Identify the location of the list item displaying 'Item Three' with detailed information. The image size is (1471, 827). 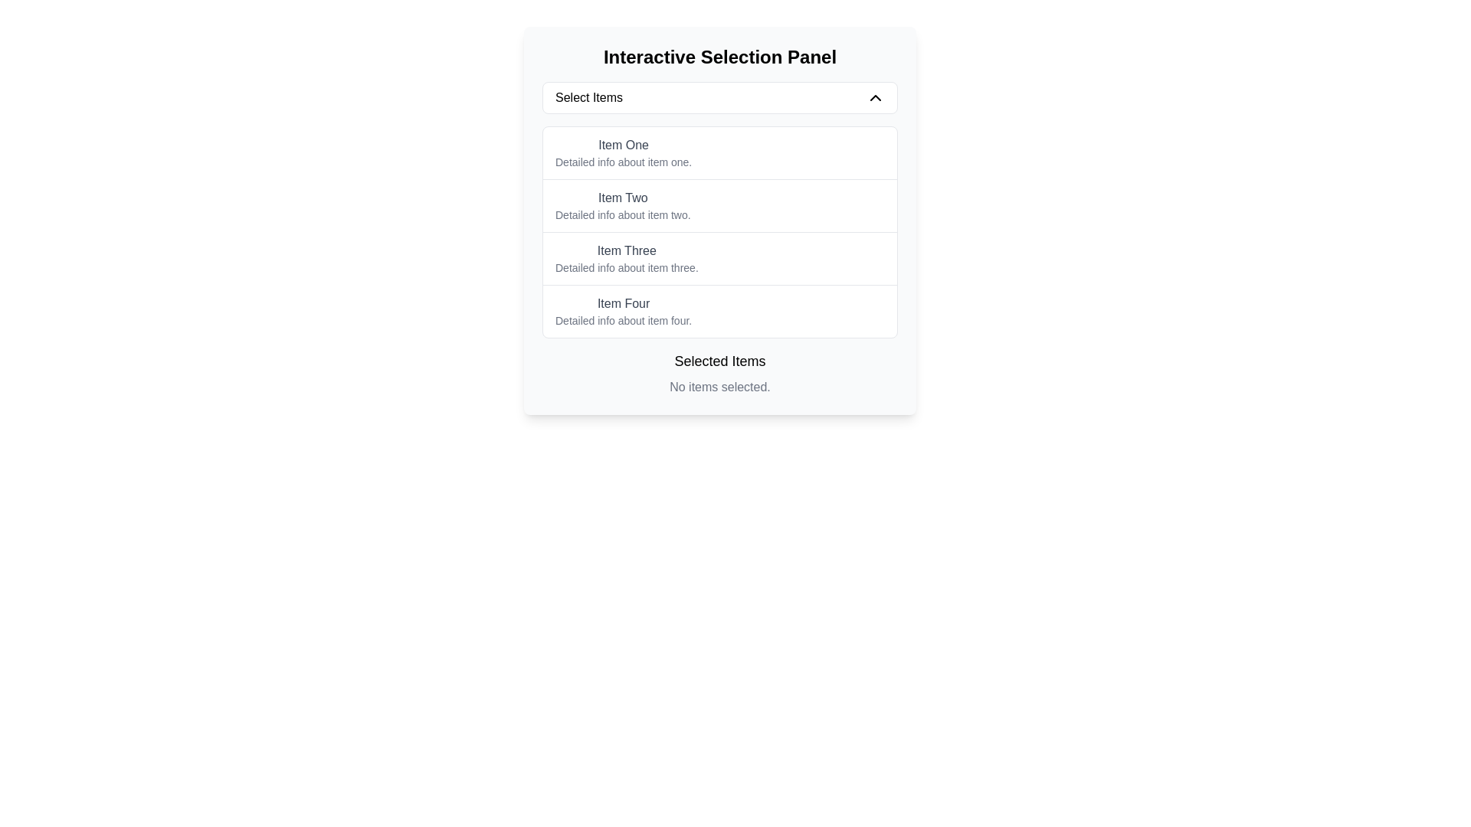
(719, 257).